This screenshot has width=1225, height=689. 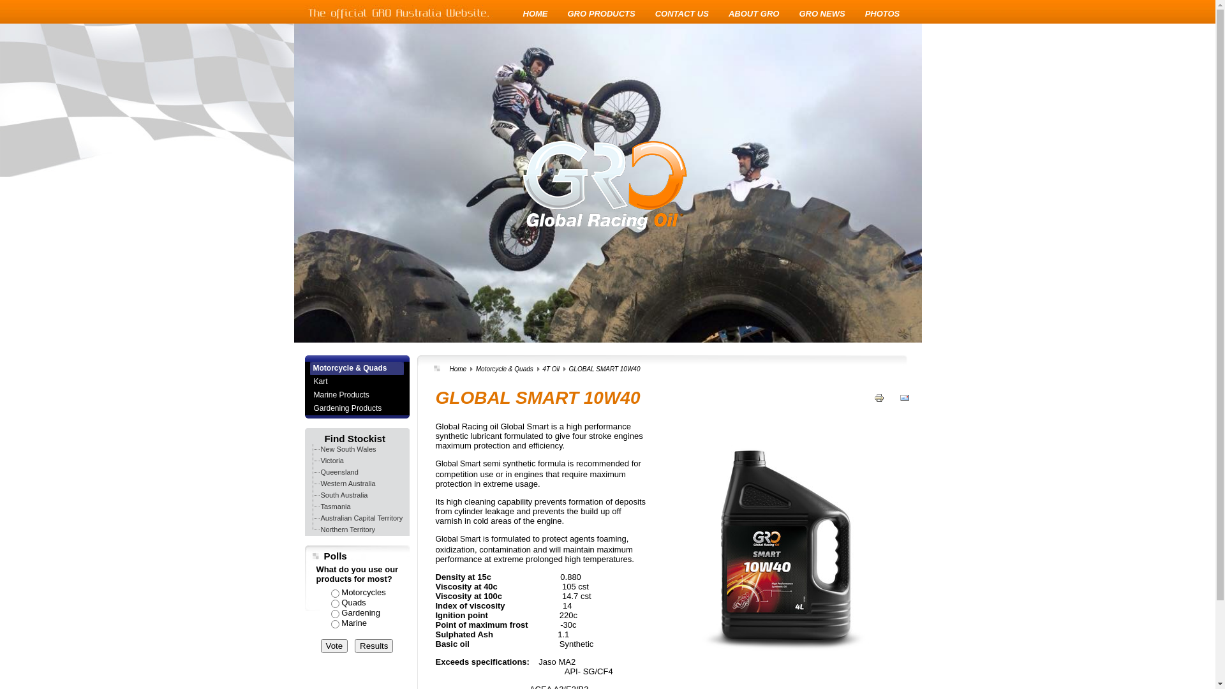 I want to click on 'Gardening Products', so click(x=356, y=408).